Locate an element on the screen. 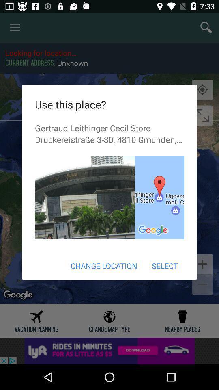 The image size is (219, 390). the icon above change location item is located at coordinates (159, 197).